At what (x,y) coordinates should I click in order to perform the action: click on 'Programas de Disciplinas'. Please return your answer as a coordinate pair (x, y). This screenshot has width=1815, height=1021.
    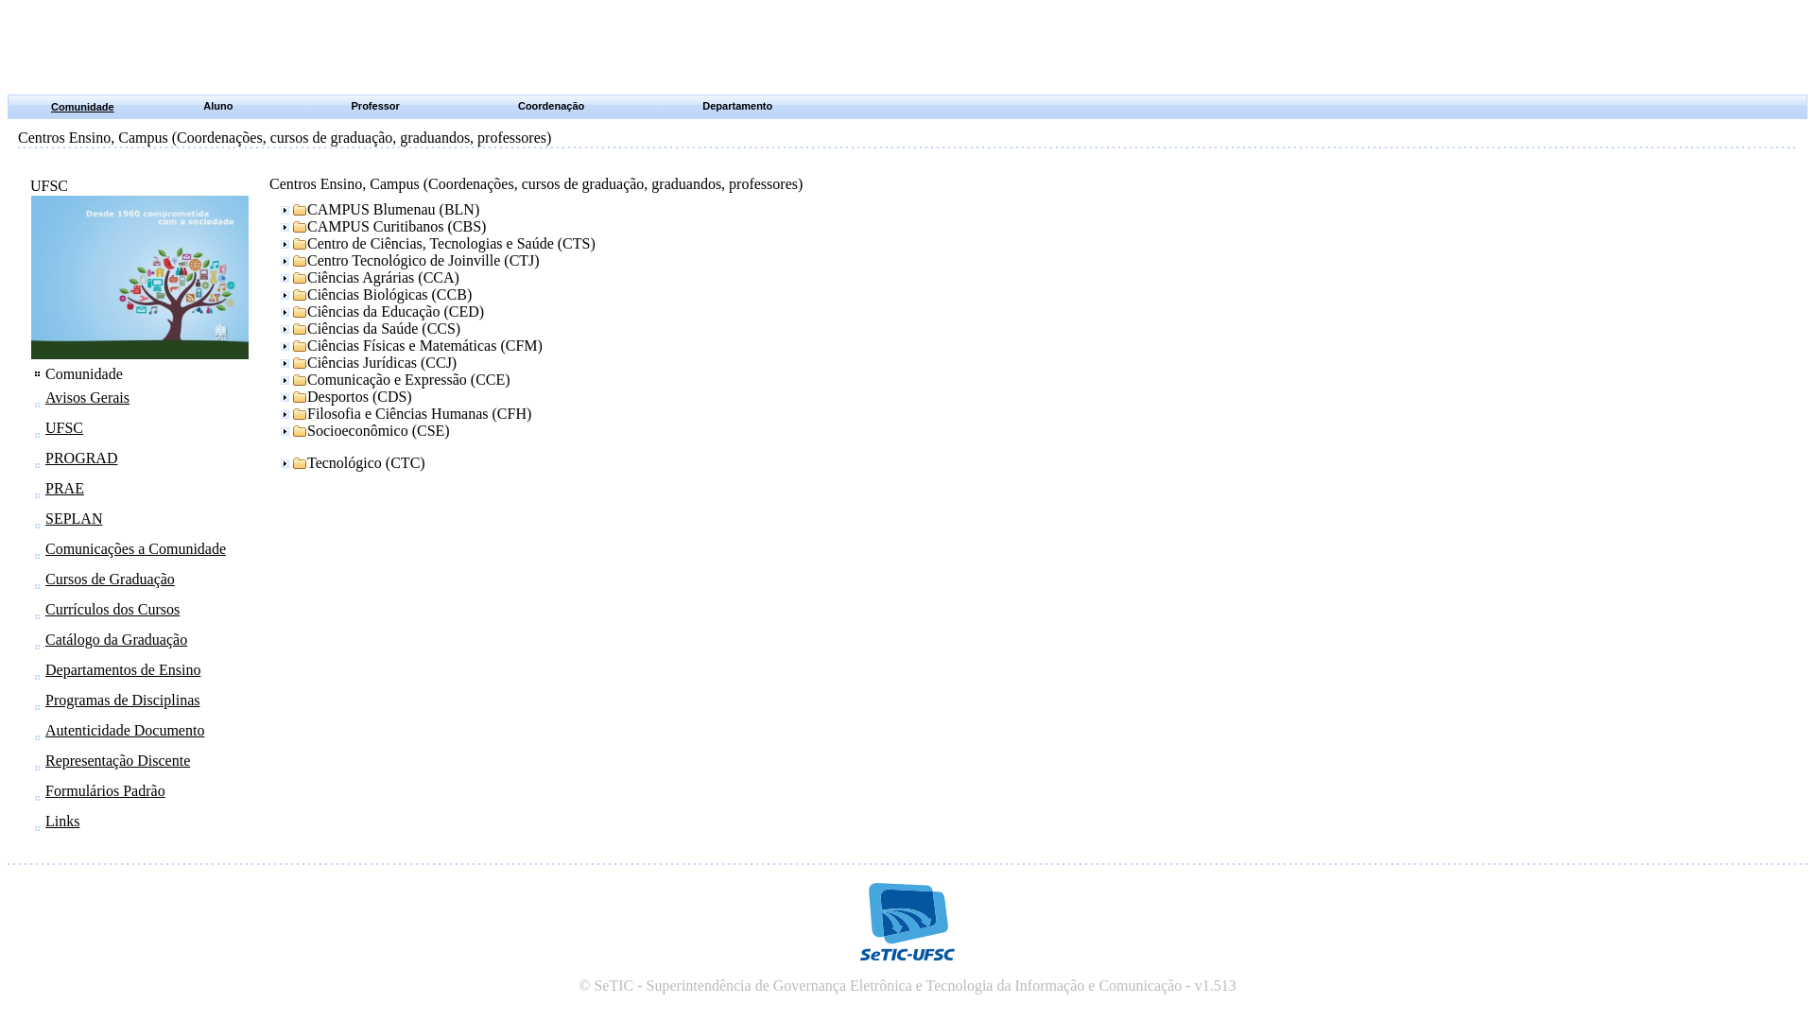
    Looking at the image, I should click on (121, 700).